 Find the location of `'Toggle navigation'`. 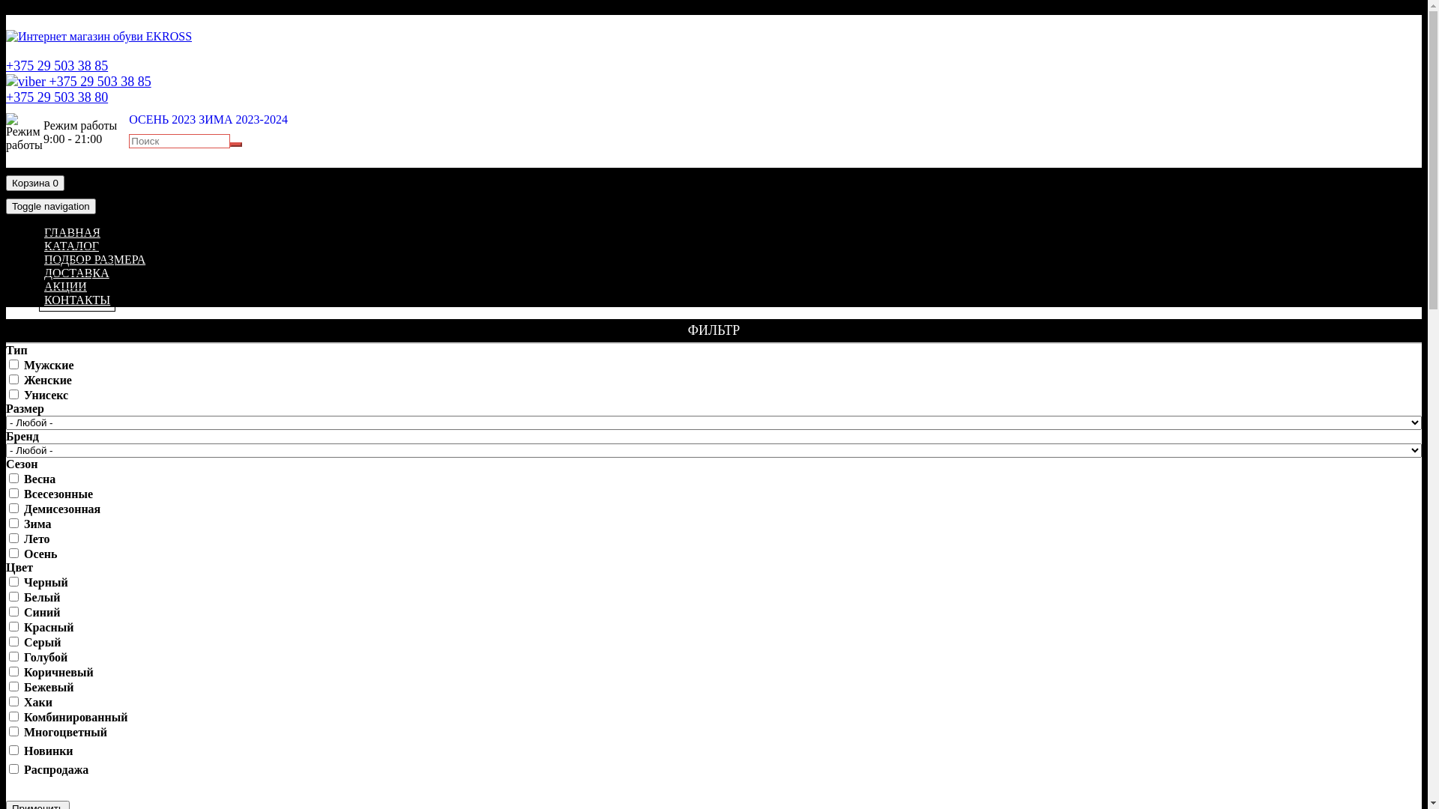

'Toggle navigation' is located at coordinates (50, 206).